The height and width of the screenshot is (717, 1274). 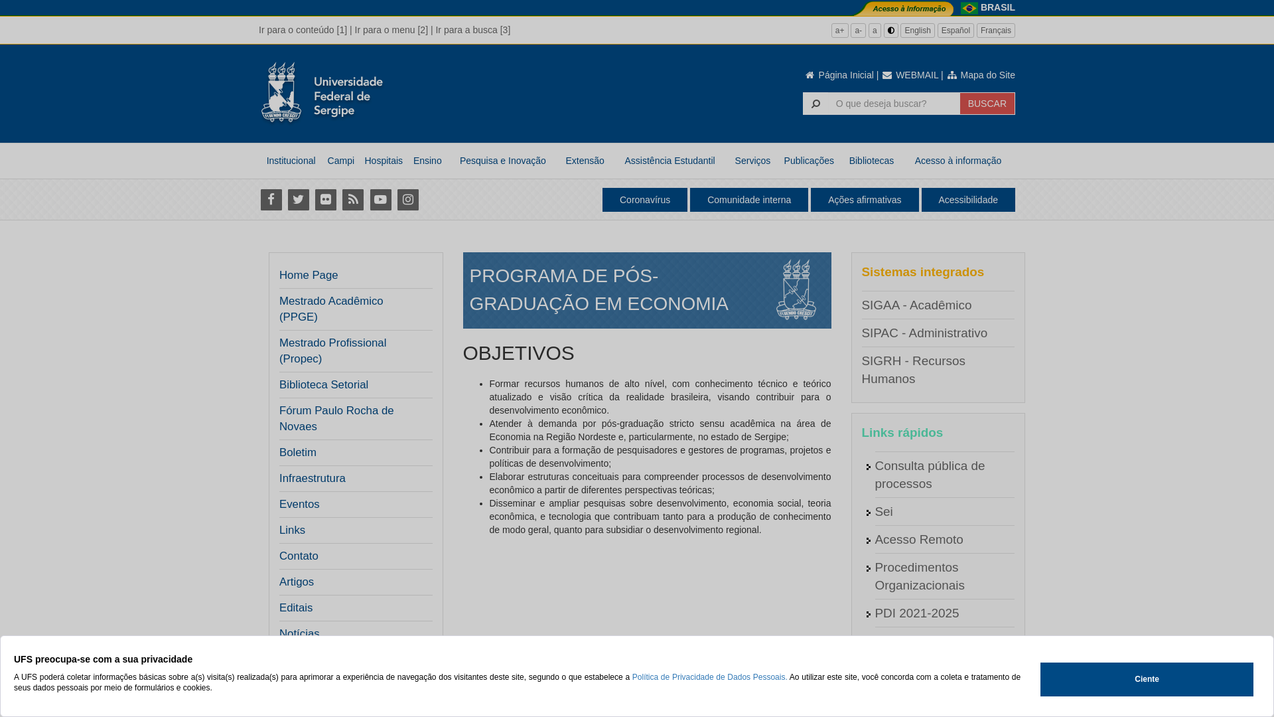 What do you see at coordinates (871, 160) in the screenshot?
I see `'Bibliotecas'` at bounding box center [871, 160].